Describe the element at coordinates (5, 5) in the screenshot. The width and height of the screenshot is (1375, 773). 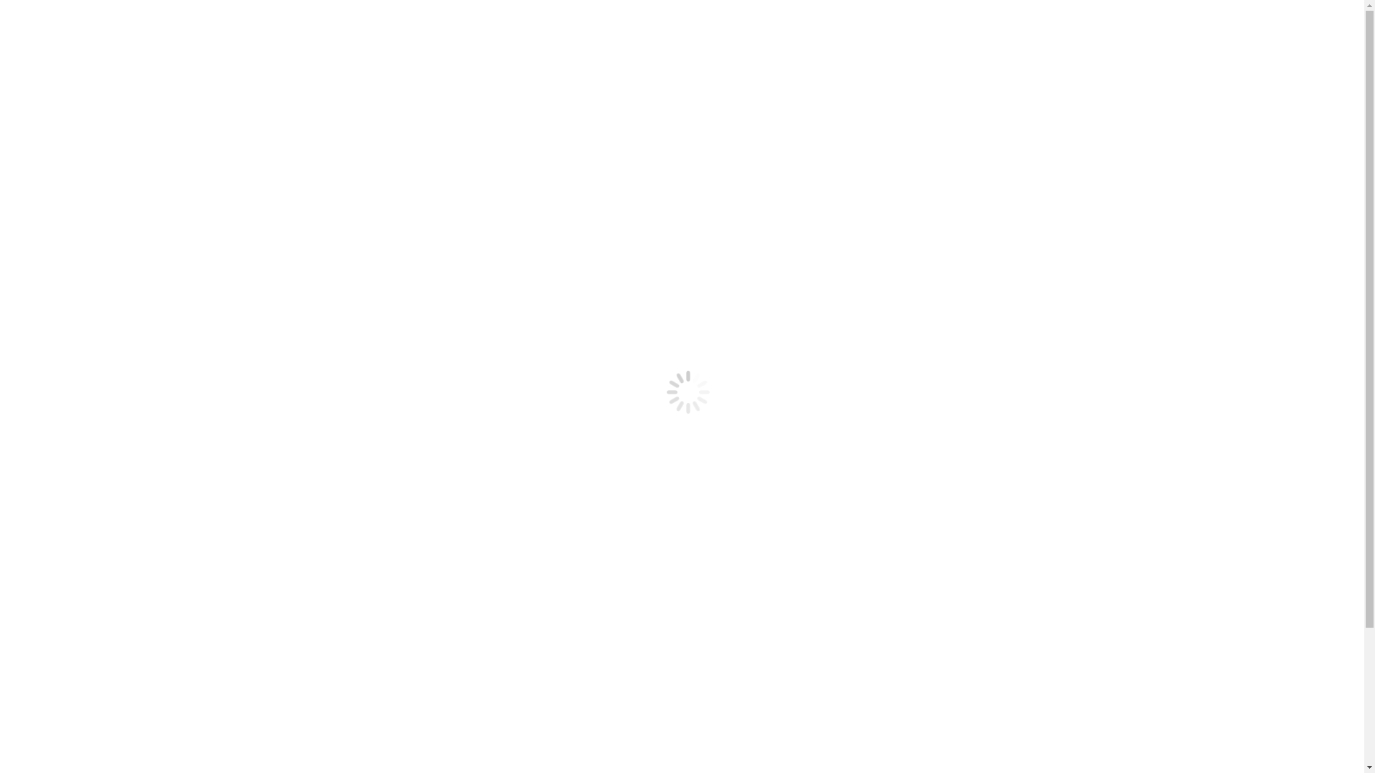
I see `'Spring naar content'` at that location.